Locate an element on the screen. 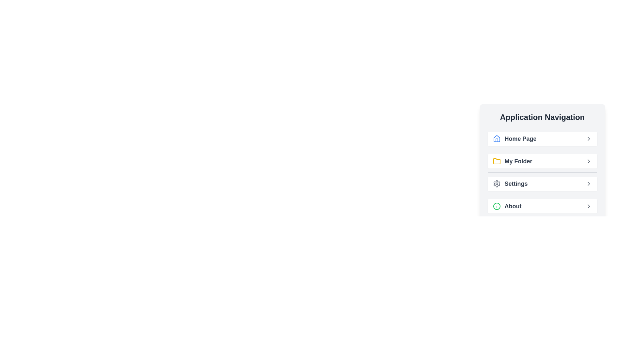  the 'Settings' text label in the application navigation panel is located at coordinates (516, 183).